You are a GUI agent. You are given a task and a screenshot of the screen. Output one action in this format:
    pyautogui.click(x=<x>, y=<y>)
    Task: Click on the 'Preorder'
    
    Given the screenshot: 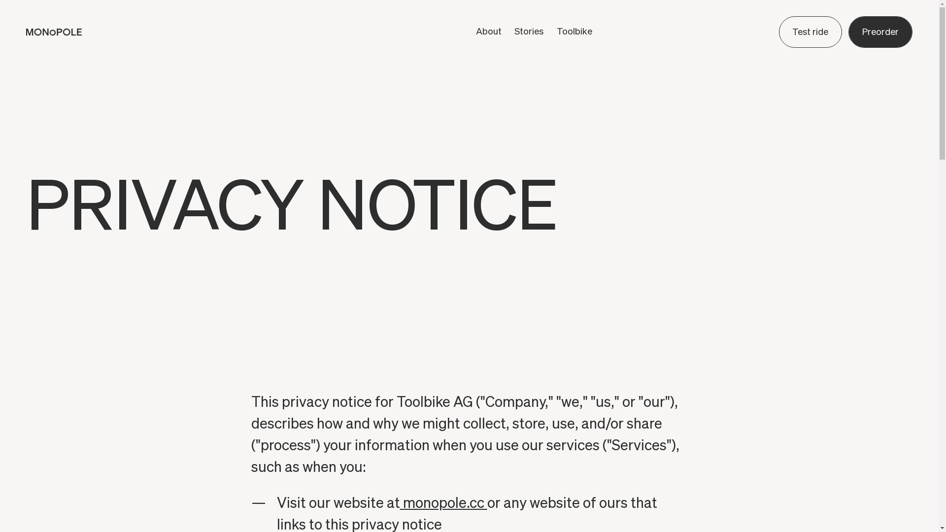 What is the action you would take?
    pyautogui.click(x=848, y=32)
    